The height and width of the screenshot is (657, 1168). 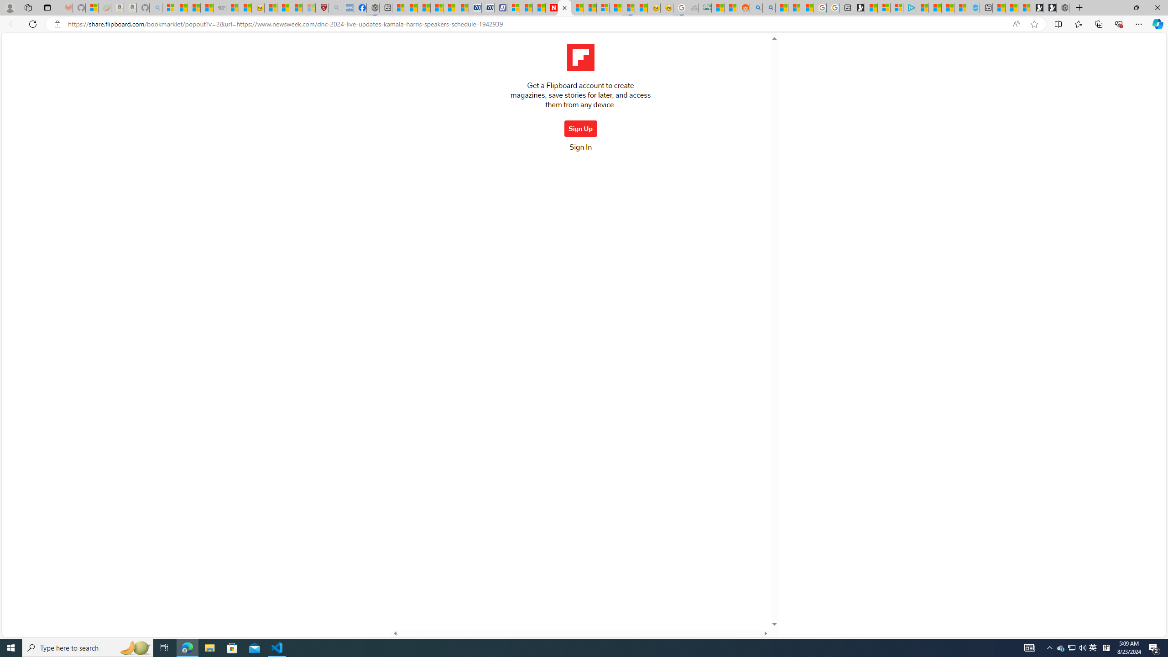 What do you see at coordinates (704, 7) in the screenshot?
I see `'DITOGAMES AG Imprint'` at bounding box center [704, 7].